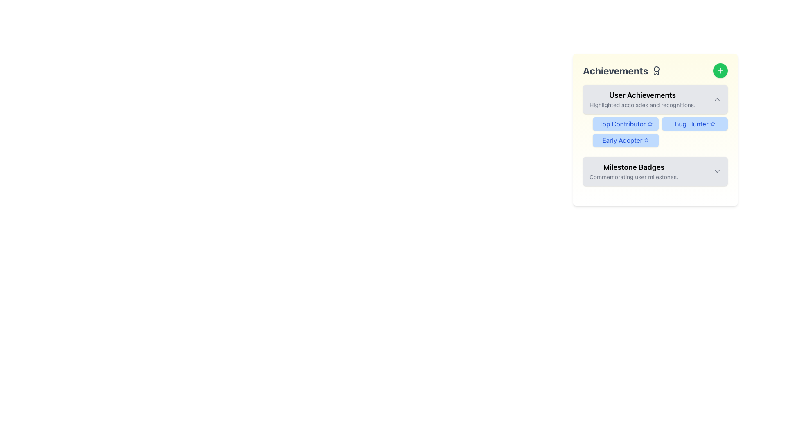 Image resolution: width=786 pixels, height=442 pixels. I want to click on the small, vividly green circular button with a white cross icon located at the top-right corner of the 'Achievements' panel, so click(720, 70).